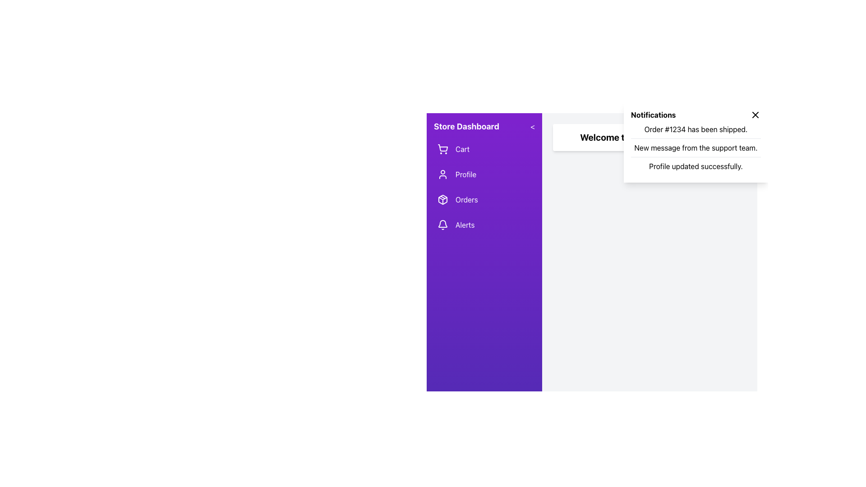 This screenshot has height=487, width=866. I want to click on the bell notification icon located at the bottom of the vertical side menu, so click(443, 223).